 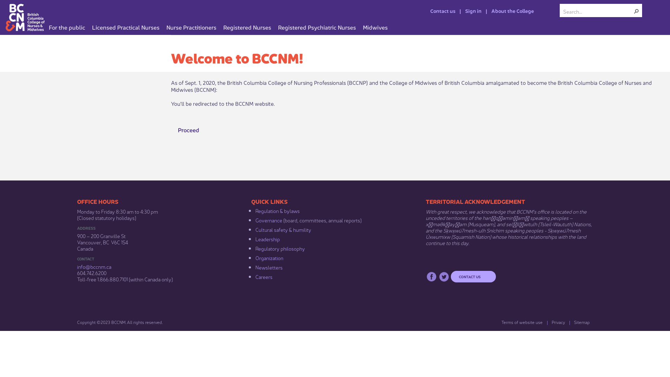 What do you see at coordinates (283, 229) in the screenshot?
I see `'Cultural safety & humility'` at bounding box center [283, 229].